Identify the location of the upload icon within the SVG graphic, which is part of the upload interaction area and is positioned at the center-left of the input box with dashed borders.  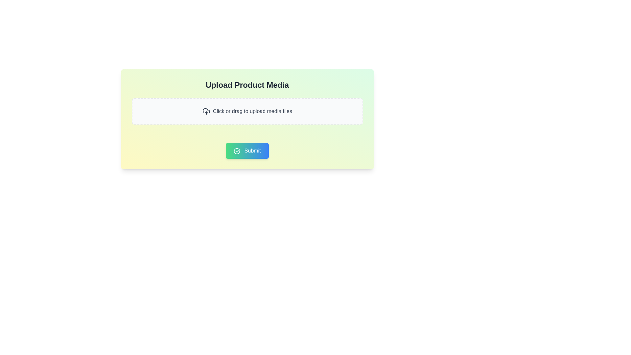
(206, 110).